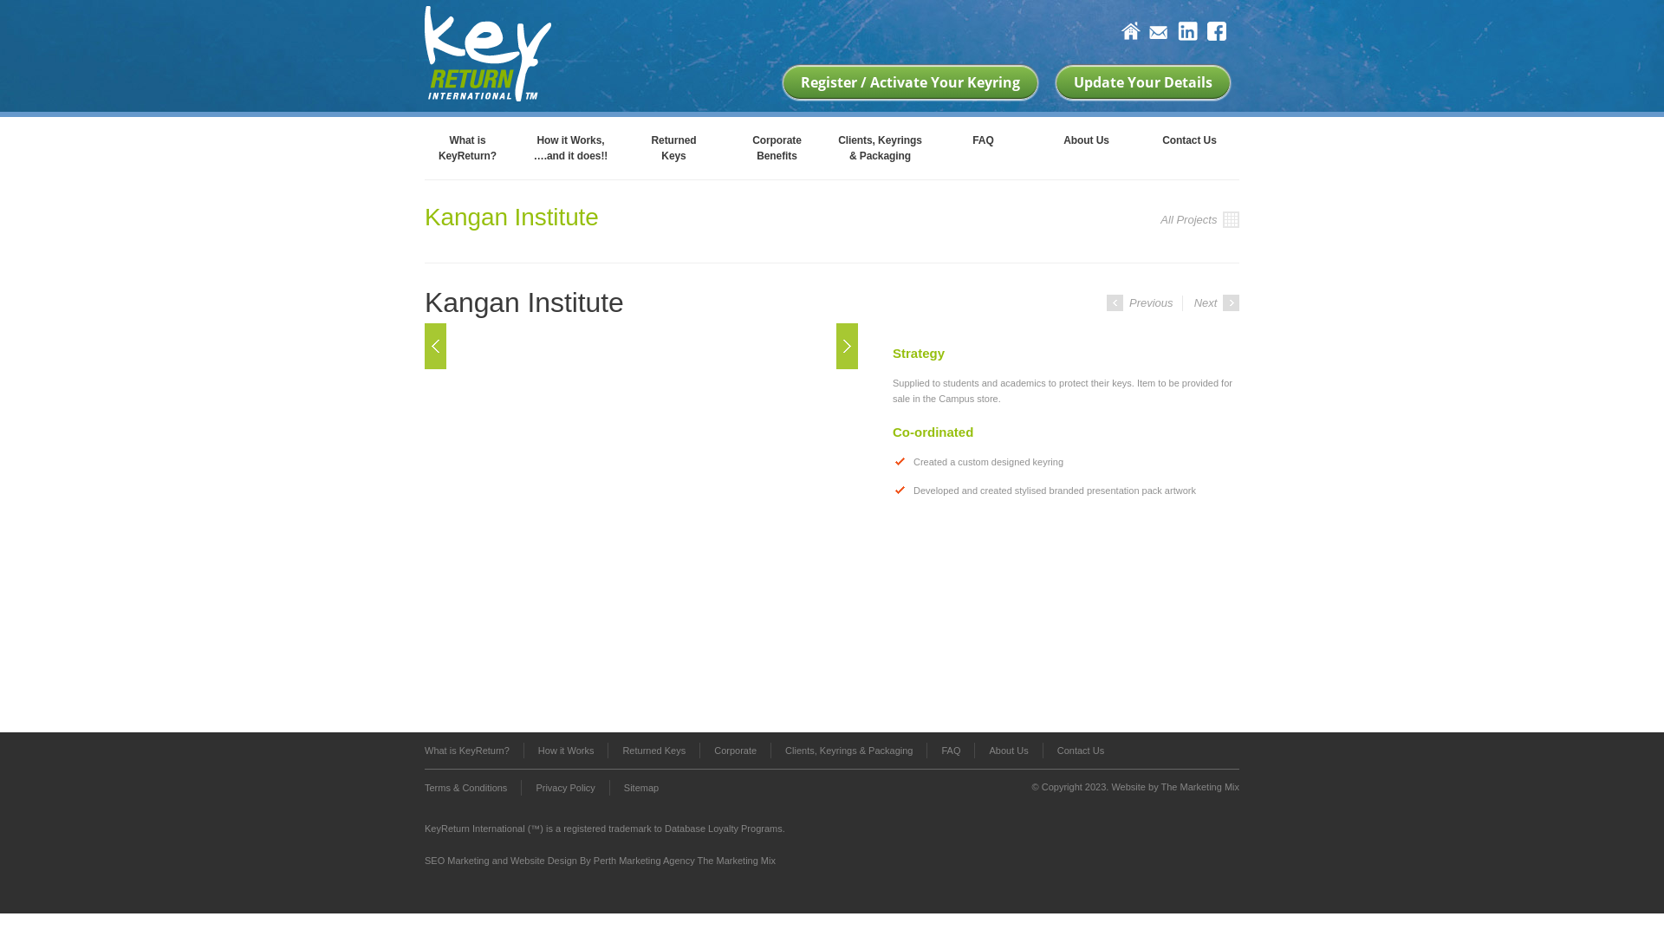 The height and width of the screenshot is (936, 1664). What do you see at coordinates (1215, 32) in the screenshot?
I see `'Facebook'` at bounding box center [1215, 32].